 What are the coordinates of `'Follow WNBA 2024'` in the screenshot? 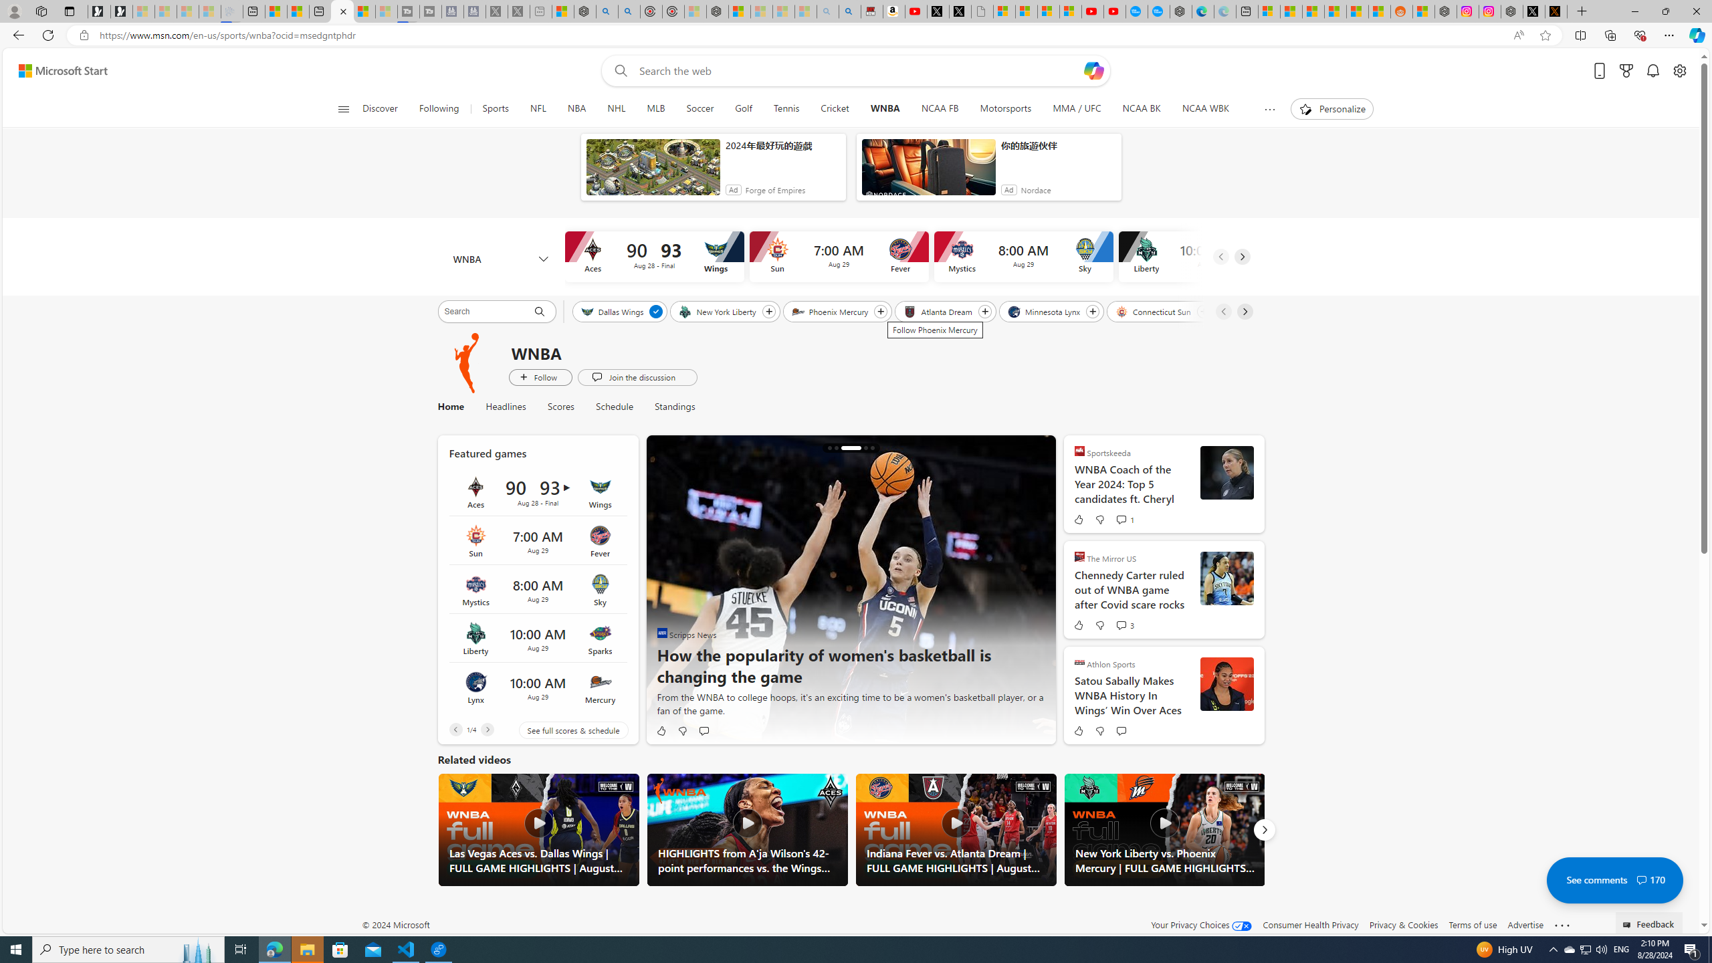 It's located at (540, 377).